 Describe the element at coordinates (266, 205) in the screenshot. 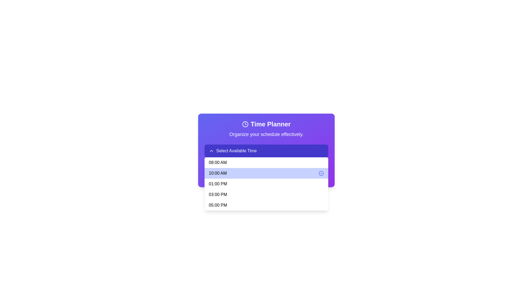

I see `the list item displaying '05:00 PM' in the dropdown menu` at that location.